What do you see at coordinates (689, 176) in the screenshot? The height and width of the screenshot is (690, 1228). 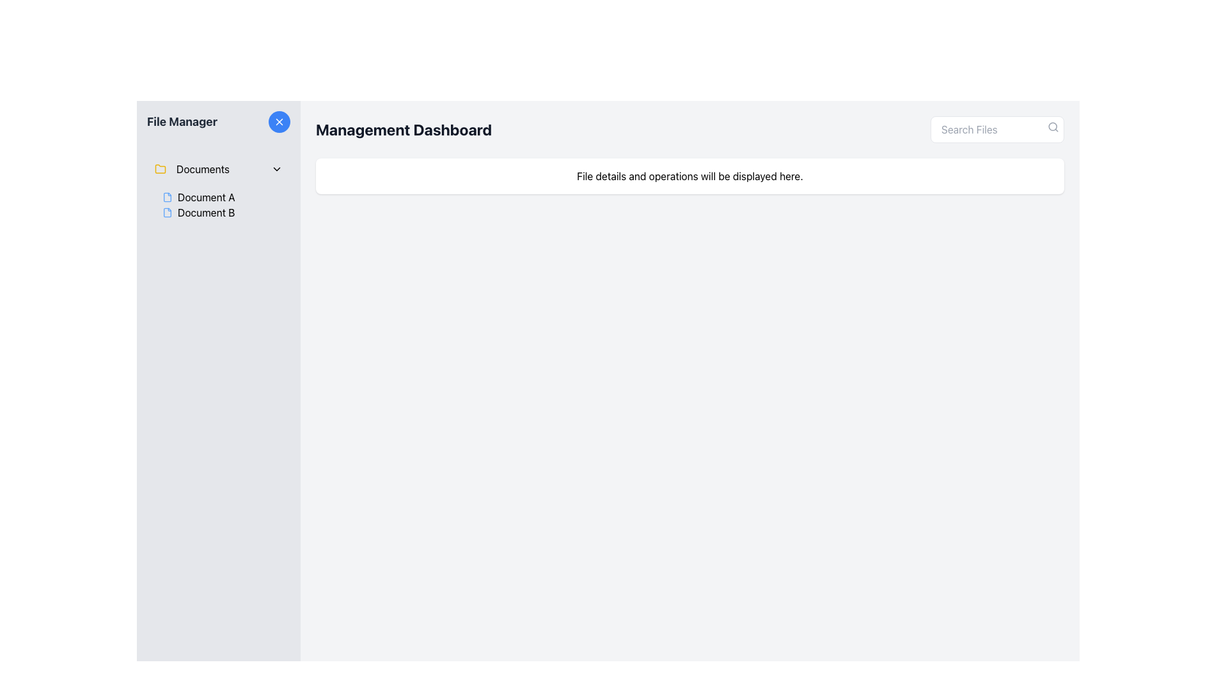 I see `the informational text box located below the 'Management Dashboard' heading, which serves as a placeholder for file details and operational controls` at bounding box center [689, 176].